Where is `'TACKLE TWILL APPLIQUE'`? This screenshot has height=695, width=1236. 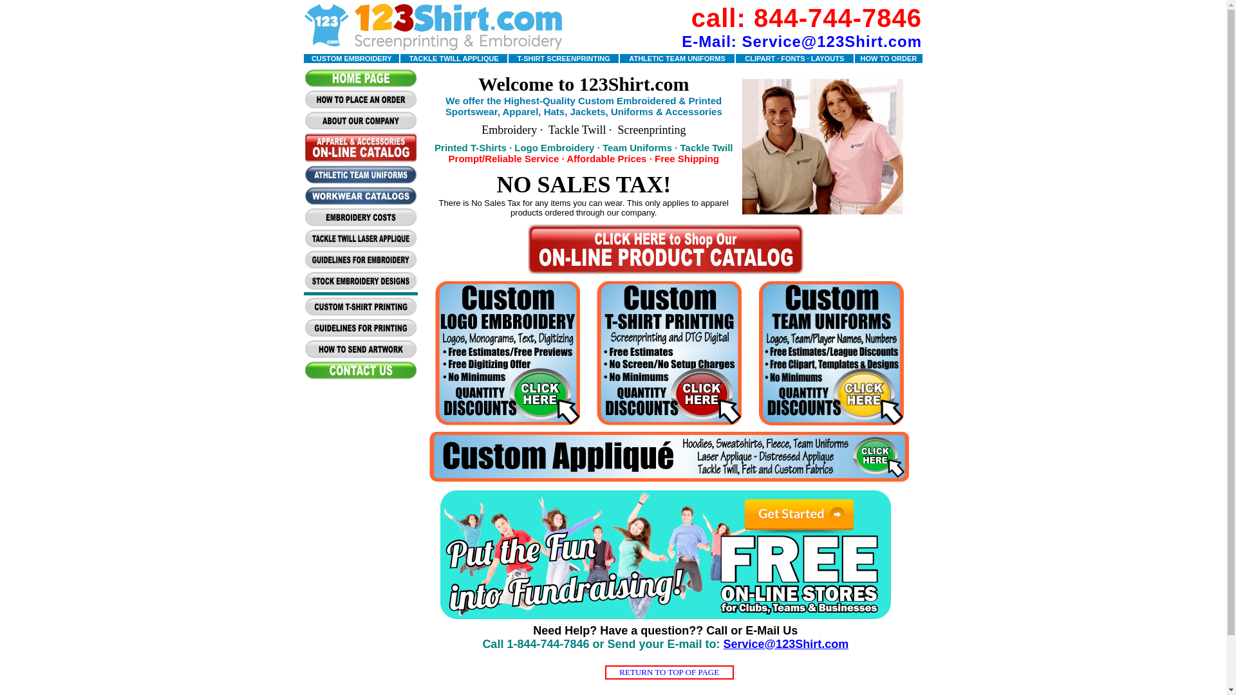
'TACKLE TWILL APPLIQUE' is located at coordinates (454, 57).